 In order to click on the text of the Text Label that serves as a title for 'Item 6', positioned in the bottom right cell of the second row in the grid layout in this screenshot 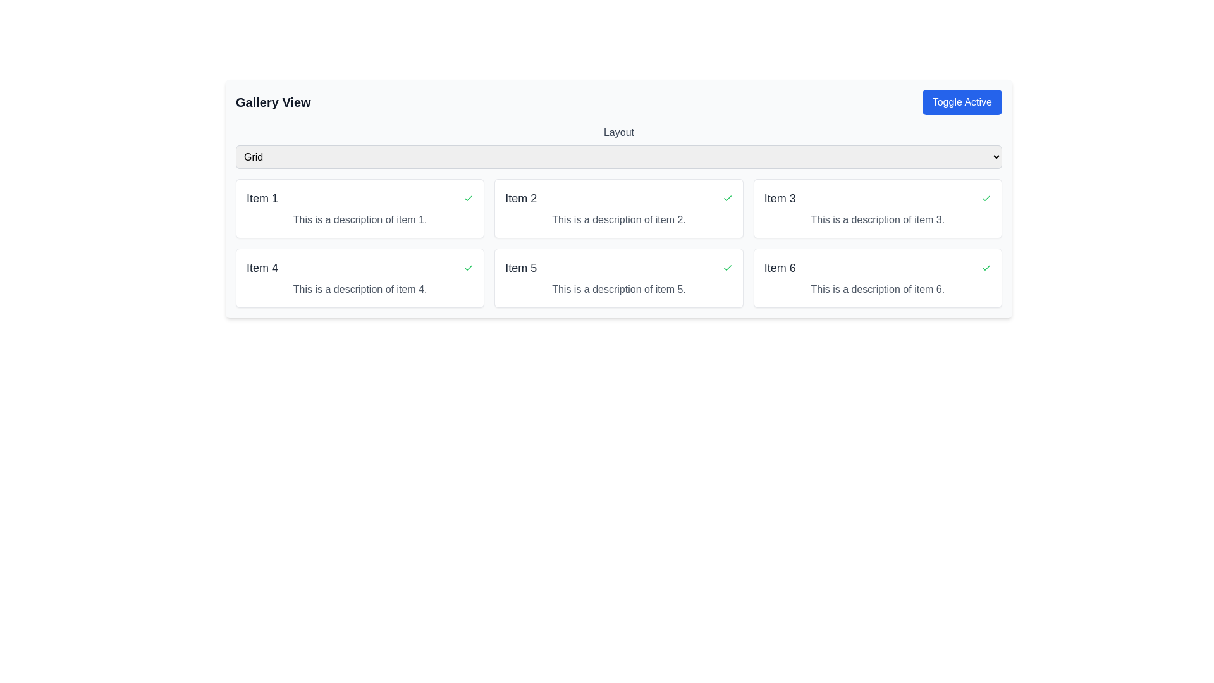, I will do `click(779, 268)`.